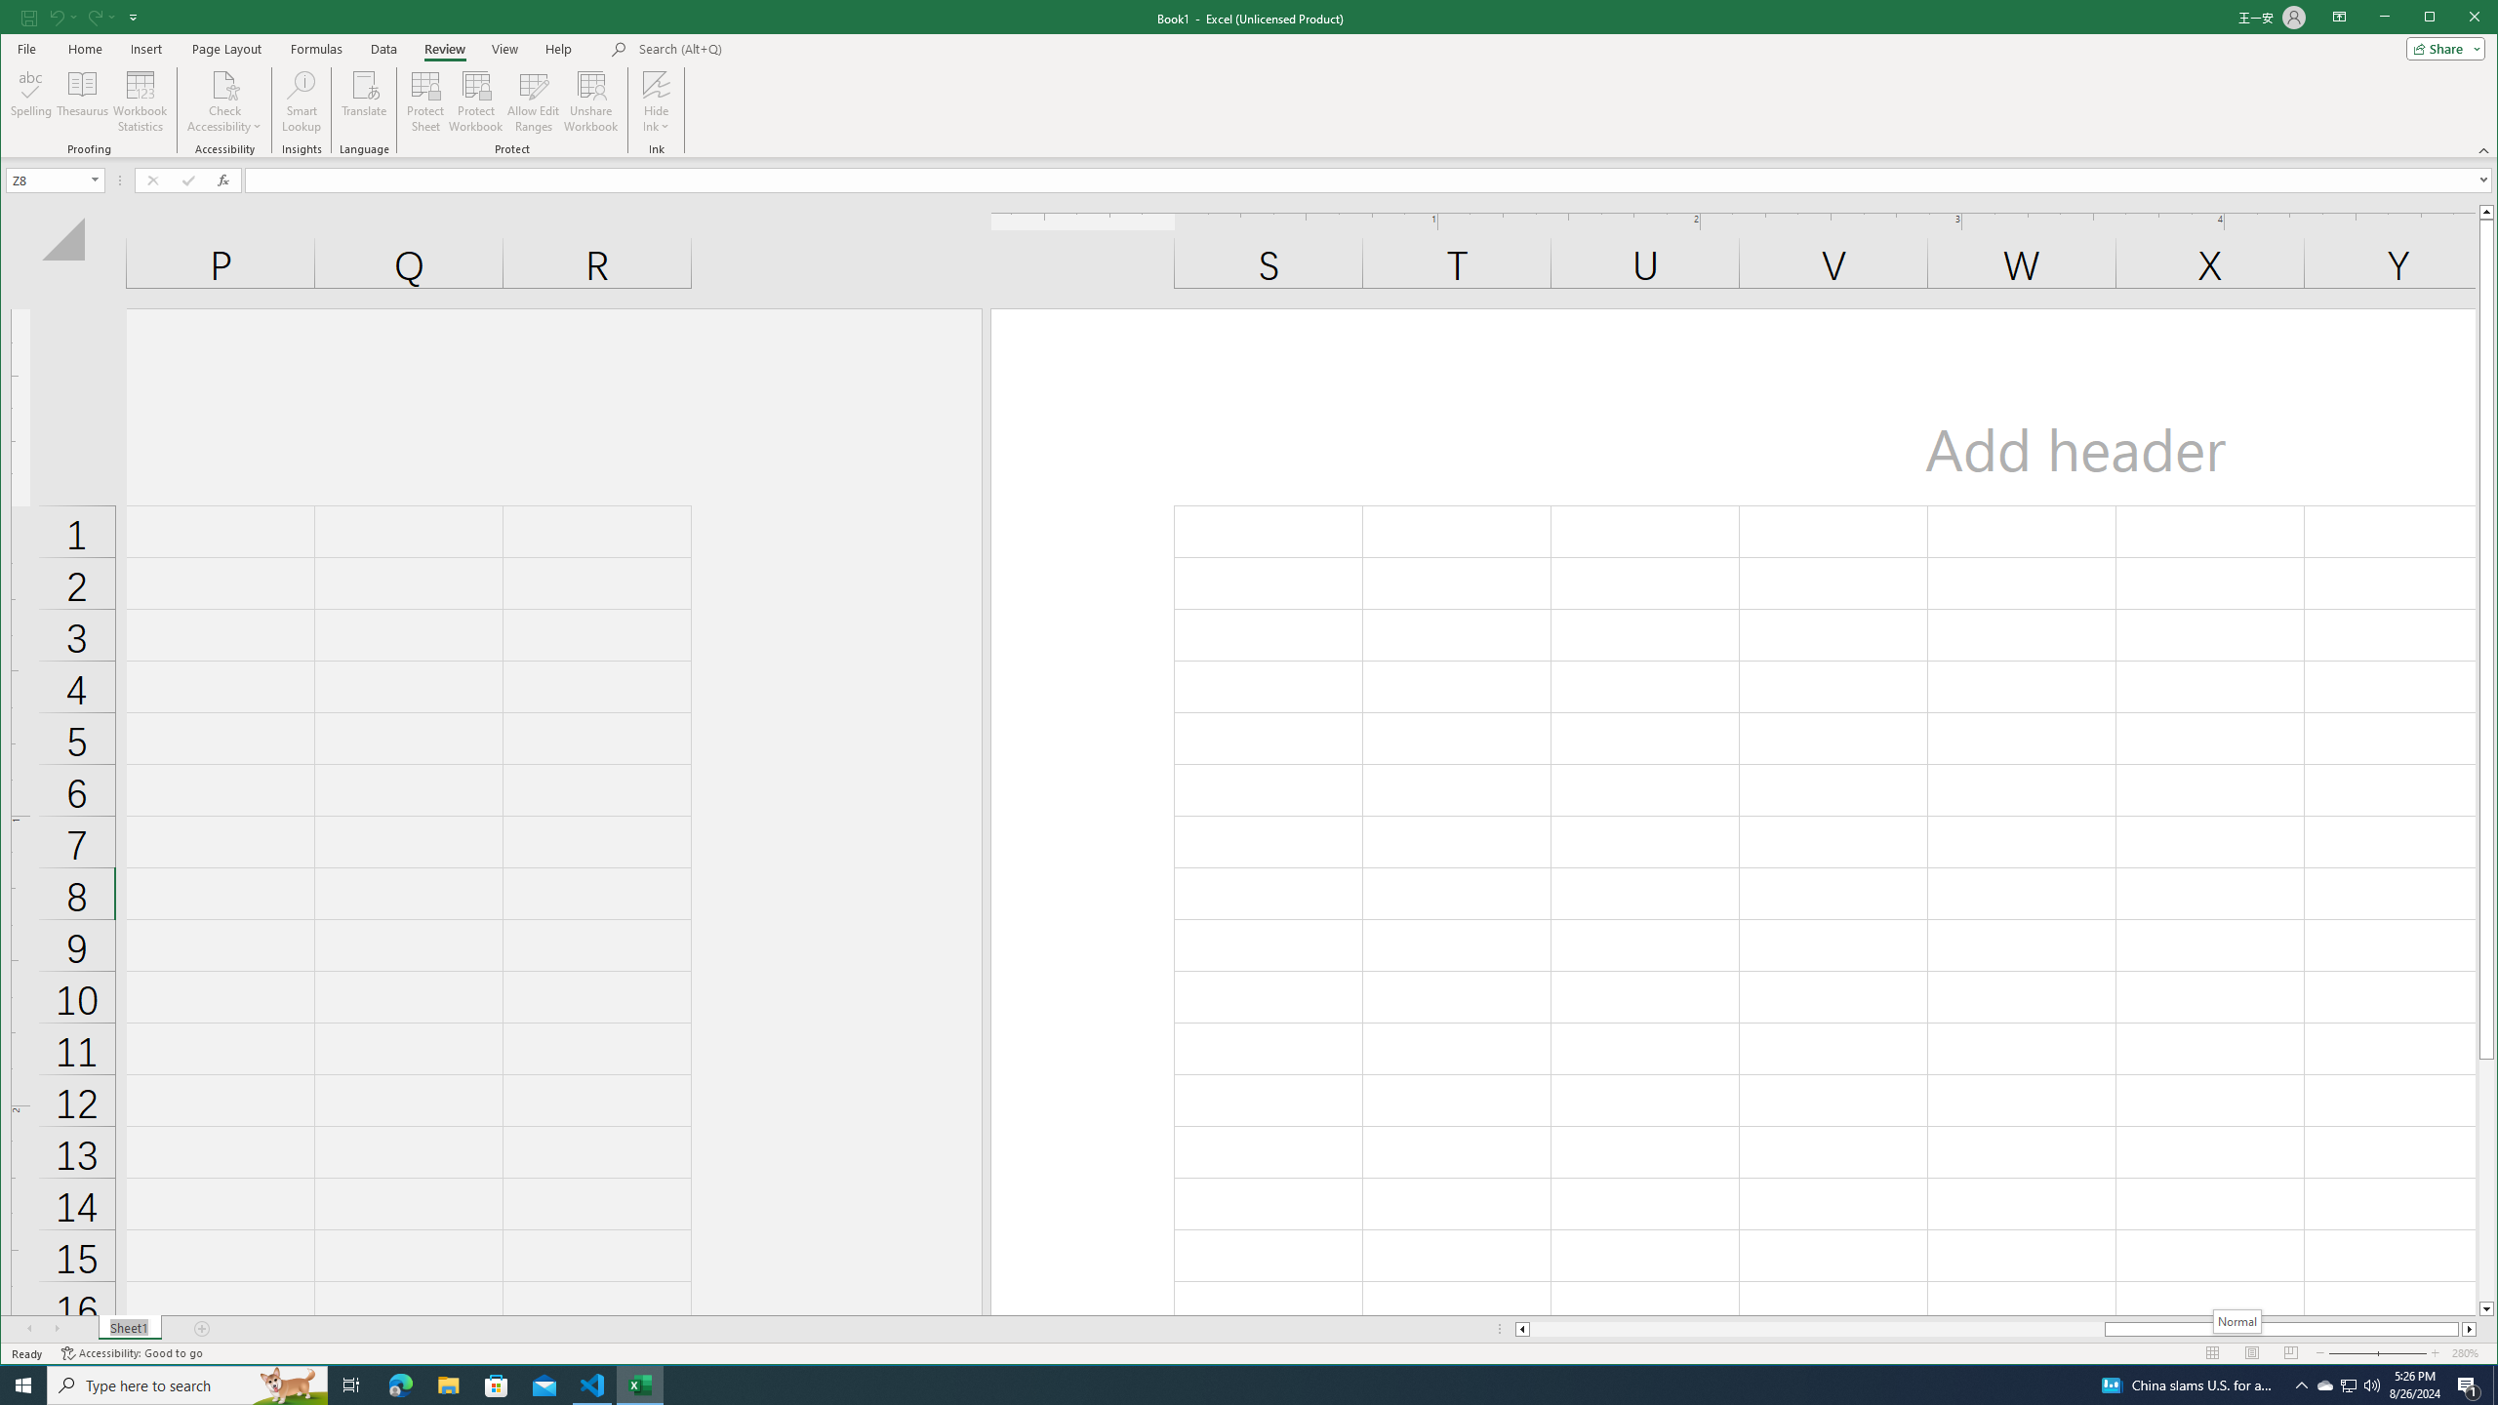 The image size is (2498, 1405). I want to click on 'Search highlights icon opens search home window', so click(287, 1384).